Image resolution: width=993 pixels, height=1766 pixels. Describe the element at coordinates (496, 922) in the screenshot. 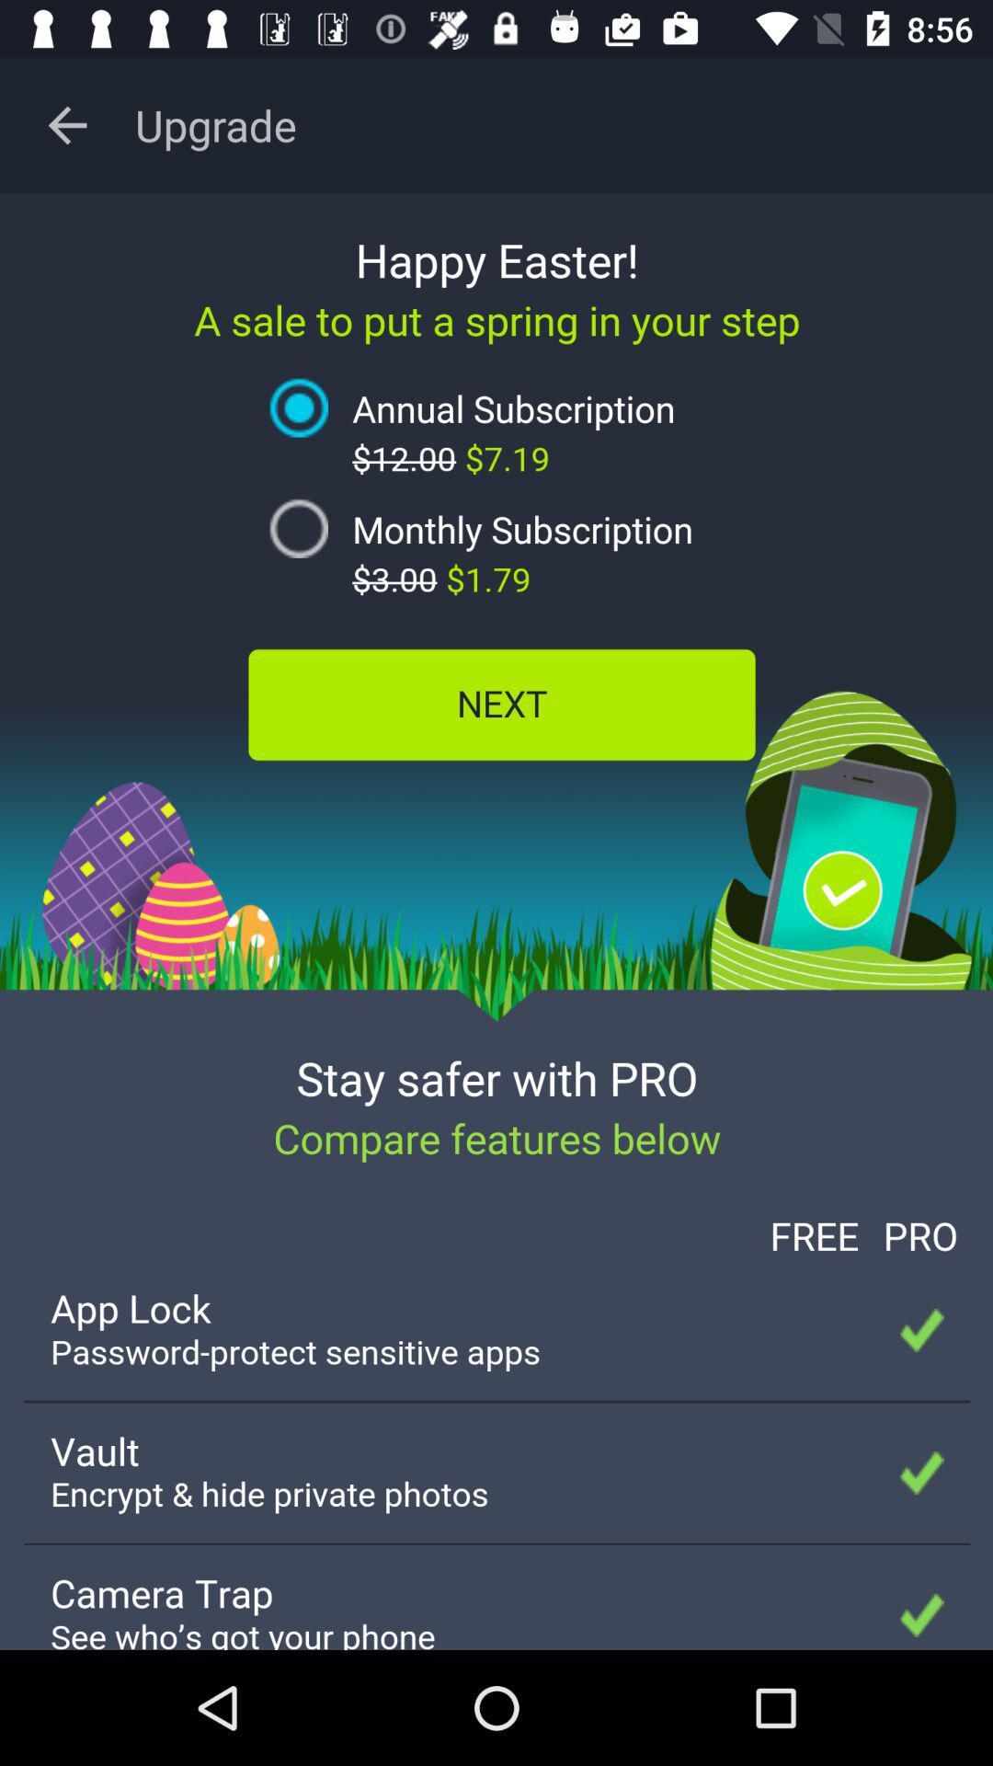

I see `click the full page` at that location.